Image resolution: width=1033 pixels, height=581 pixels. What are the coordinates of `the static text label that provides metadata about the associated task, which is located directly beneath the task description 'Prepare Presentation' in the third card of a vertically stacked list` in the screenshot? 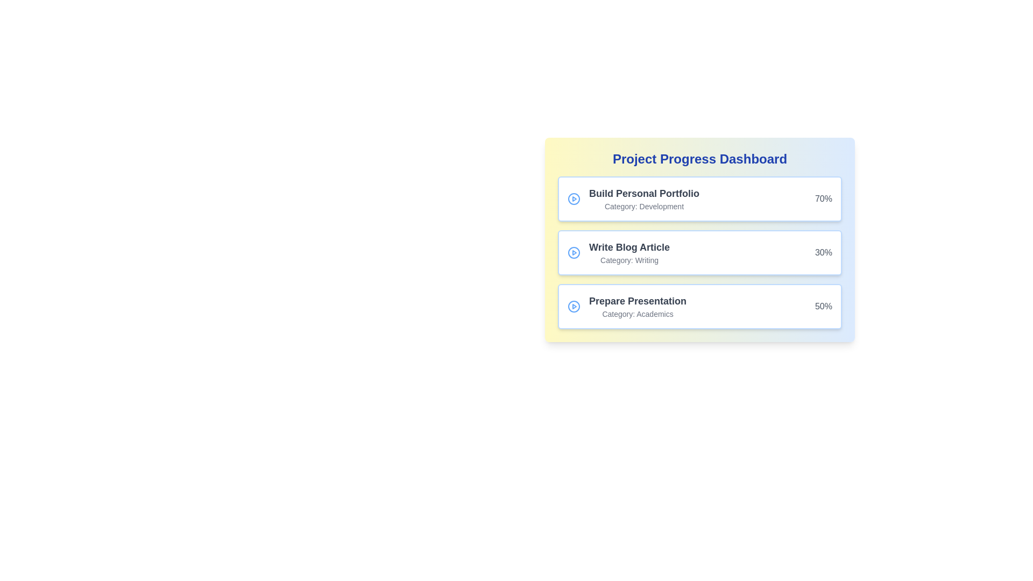 It's located at (638, 314).